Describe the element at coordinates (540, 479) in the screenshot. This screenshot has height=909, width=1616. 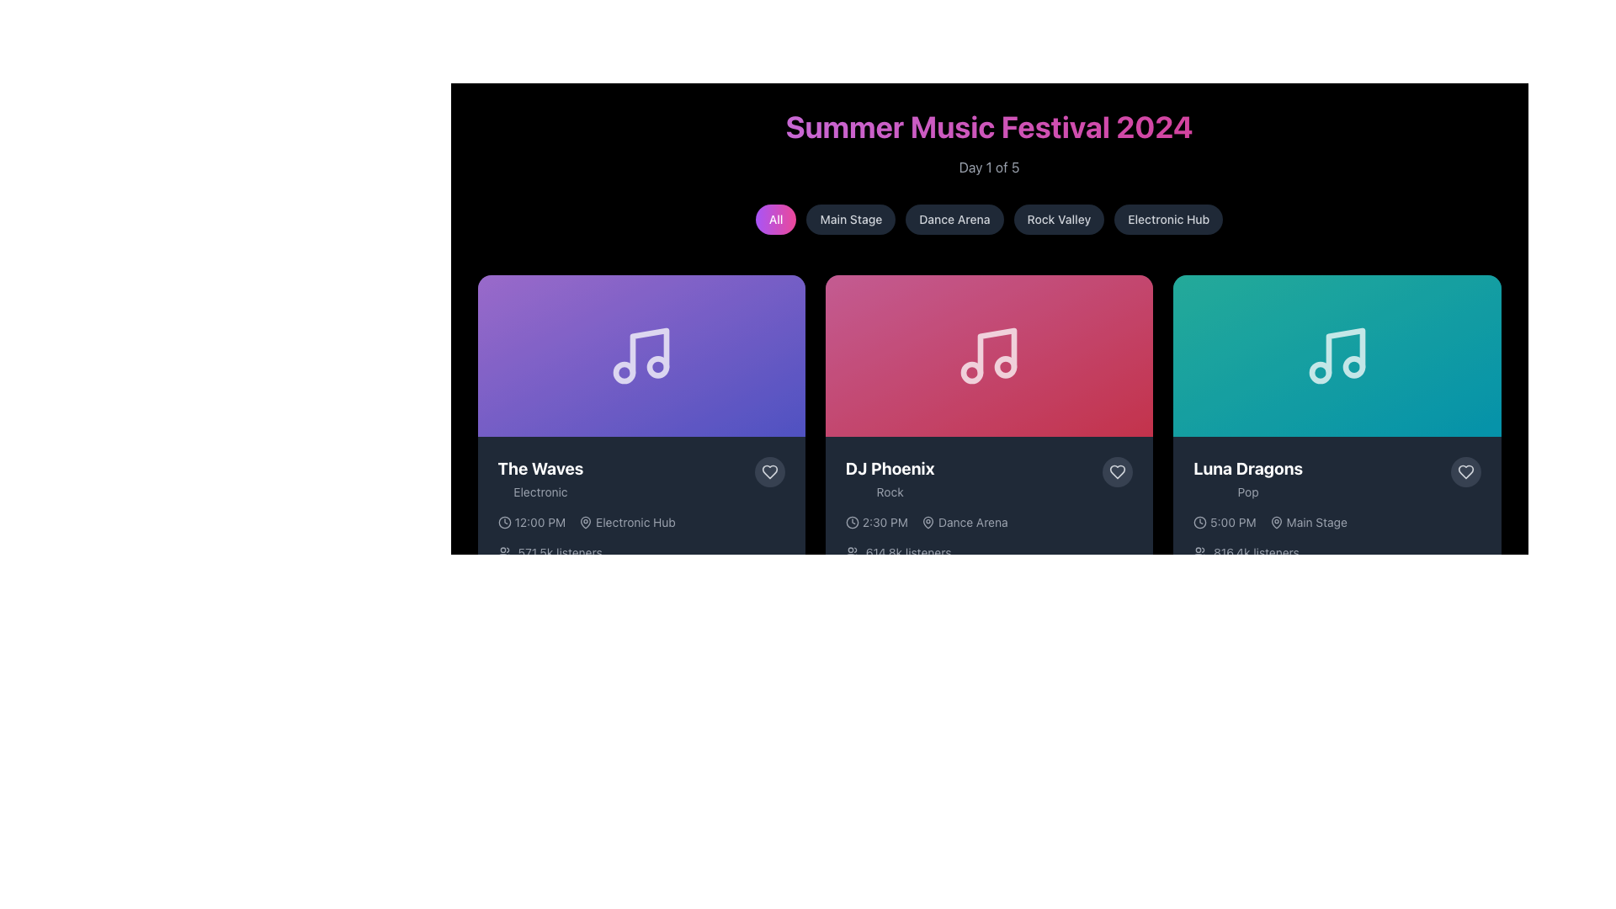
I see `static text display element that shows 'The Waves' in bold white and 'Electronic' in smaller gray, located in the lower section of the first card on the leftmost side of the interface` at that location.